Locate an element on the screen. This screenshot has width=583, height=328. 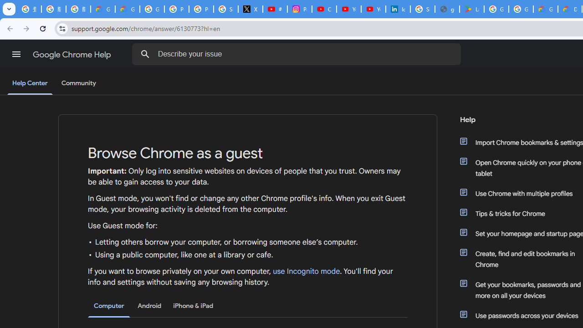
'Google Cloud Privacy Notice' is located at coordinates (102, 9).